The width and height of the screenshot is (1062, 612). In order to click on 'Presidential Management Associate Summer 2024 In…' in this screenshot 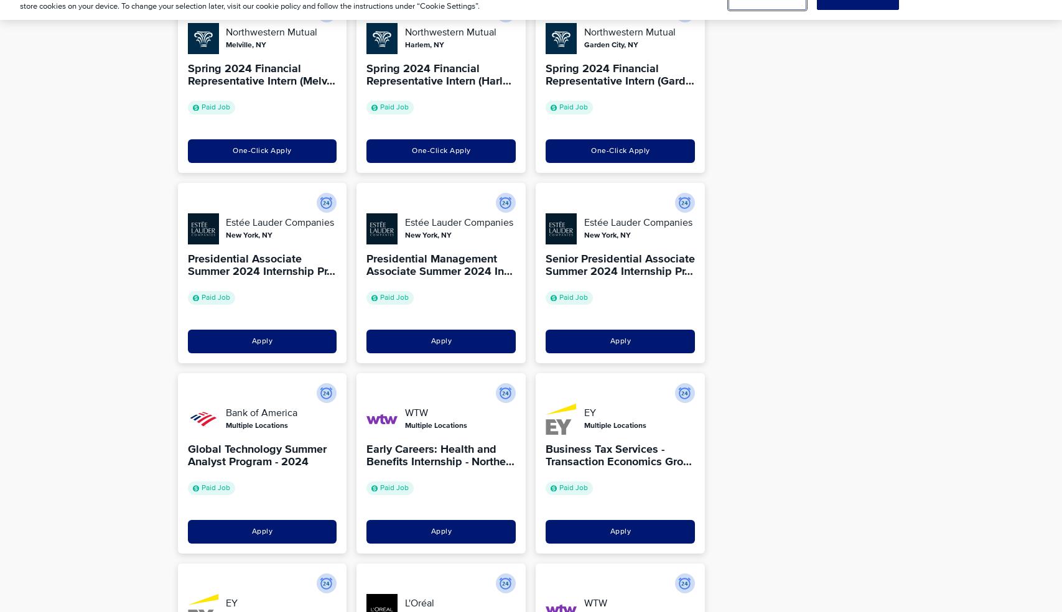, I will do `click(439, 265)`.